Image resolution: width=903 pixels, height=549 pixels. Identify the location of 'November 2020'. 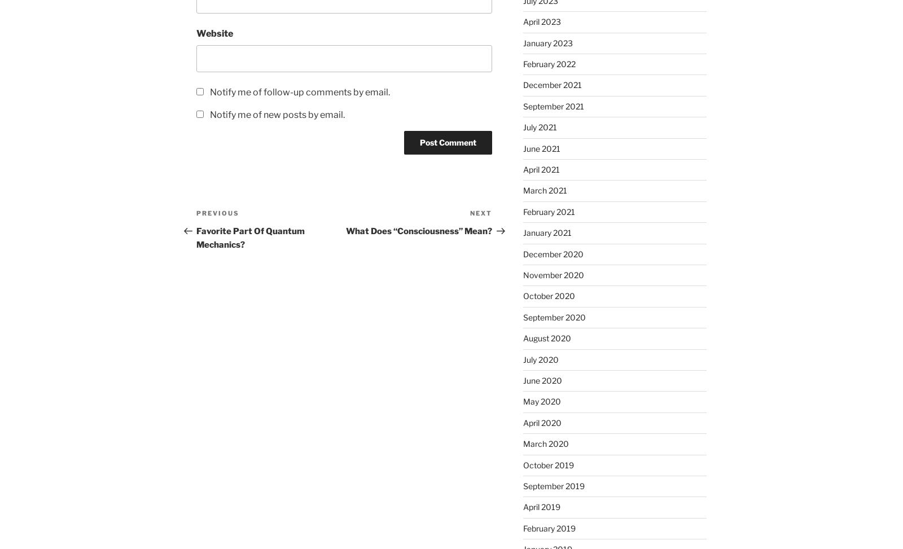
(553, 274).